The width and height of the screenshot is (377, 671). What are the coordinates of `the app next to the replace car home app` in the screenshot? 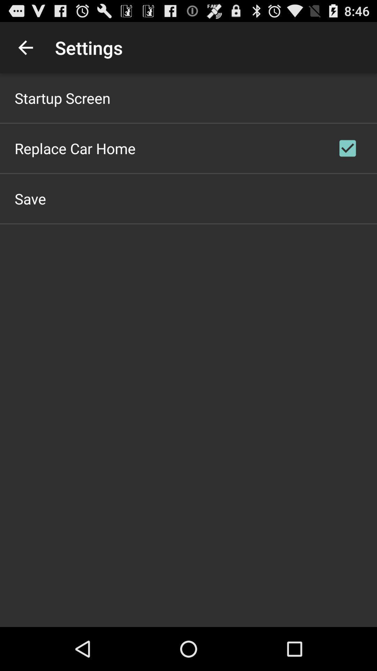 It's located at (347, 148).